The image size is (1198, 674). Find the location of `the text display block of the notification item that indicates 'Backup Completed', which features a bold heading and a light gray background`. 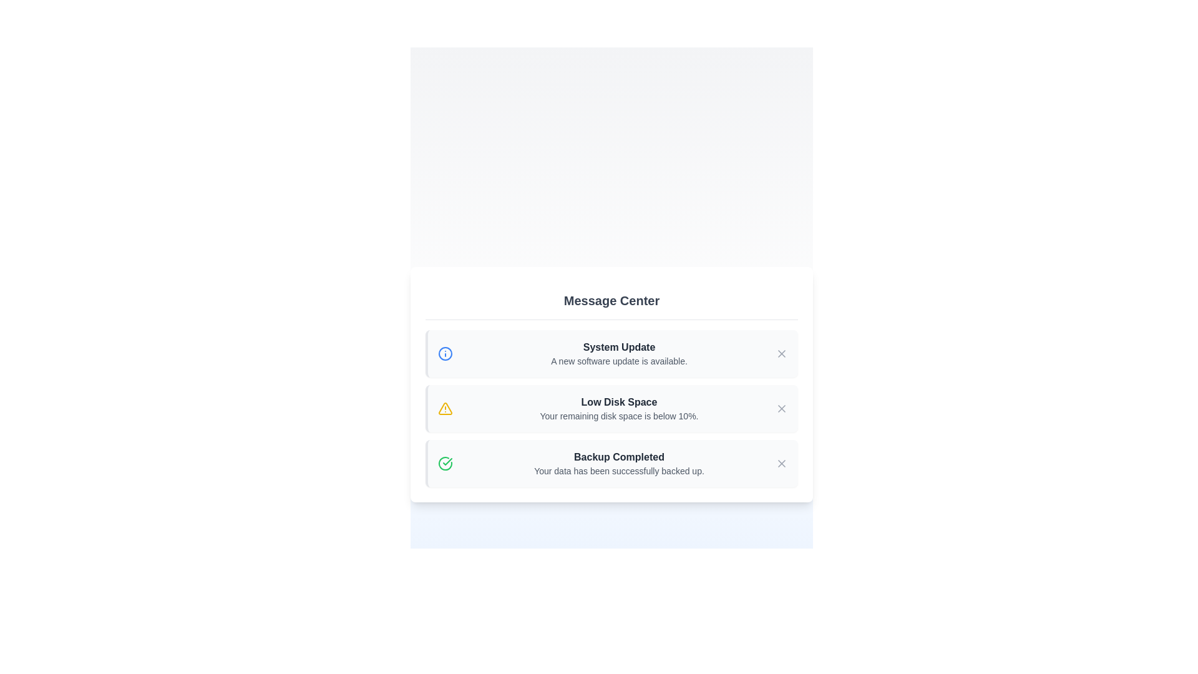

the text display block of the notification item that indicates 'Backup Completed', which features a bold heading and a light gray background is located at coordinates (619, 463).